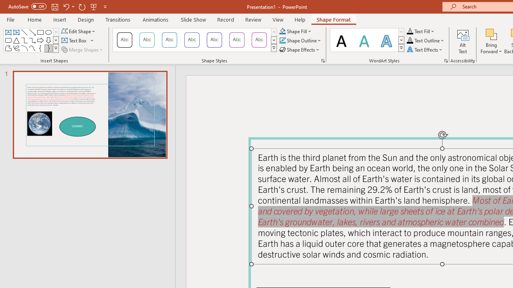  I want to click on 'Merge Shapes', so click(83, 50).